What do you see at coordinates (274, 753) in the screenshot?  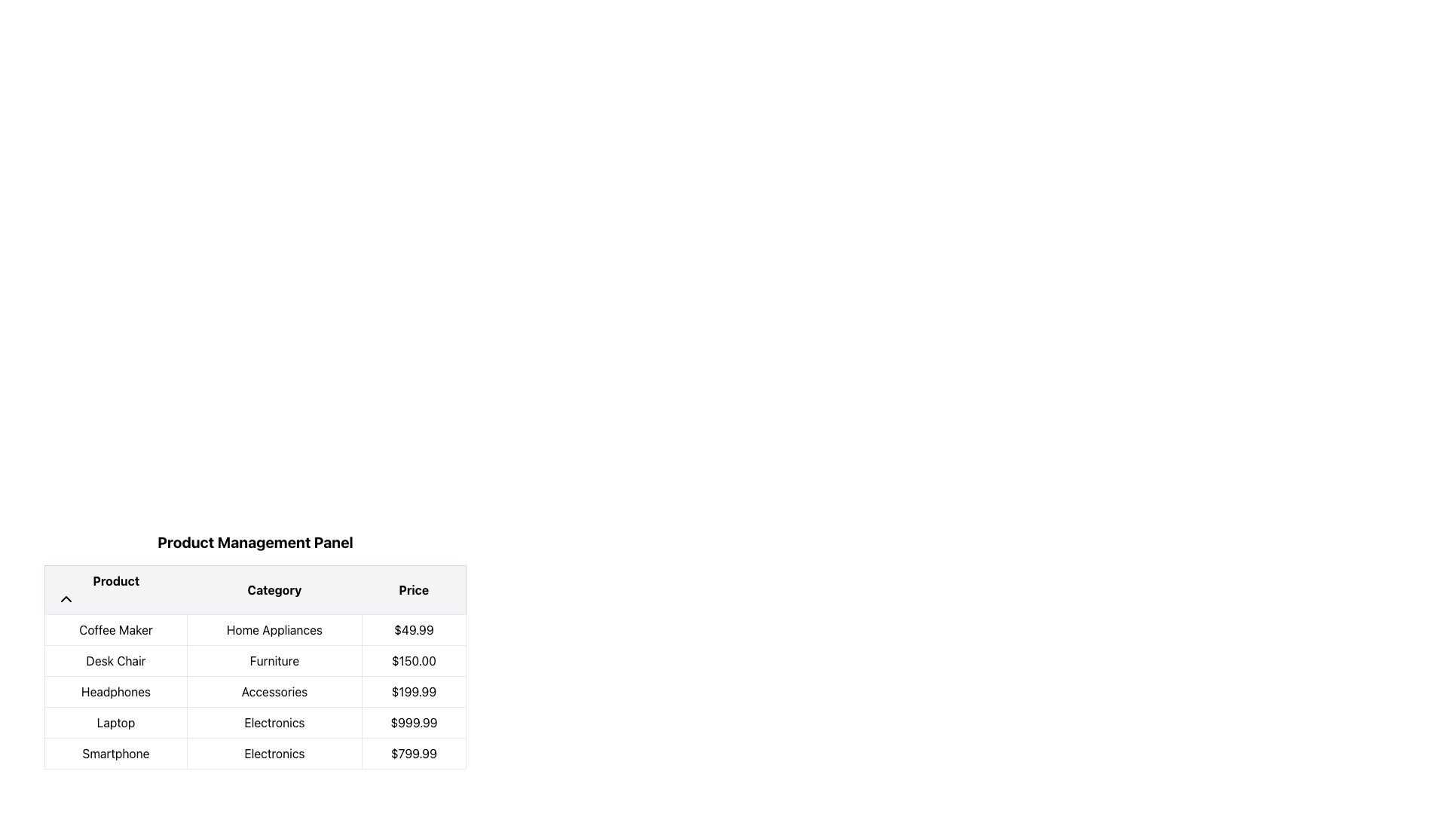 I see `the Text Label displaying the category for the listed product 'Smartphone' in the last row of the table` at bounding box center [274, 753].